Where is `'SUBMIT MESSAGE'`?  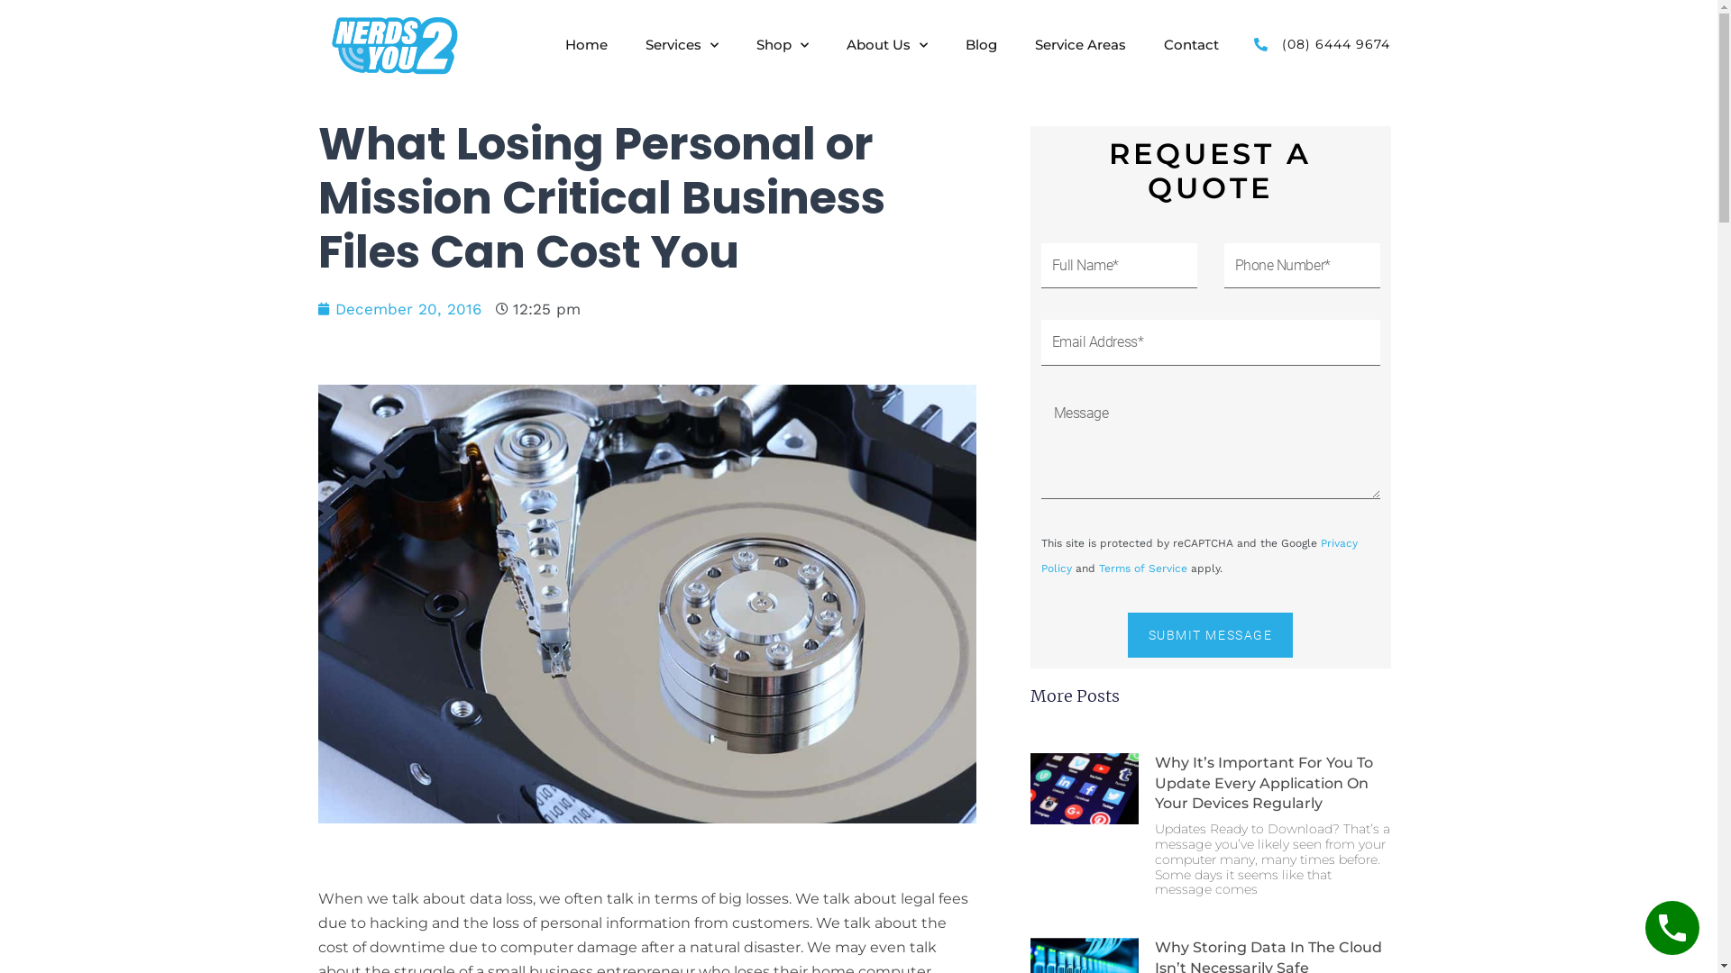 'SUBMIT MESSAGE' is located at coordinates (1210, 634).